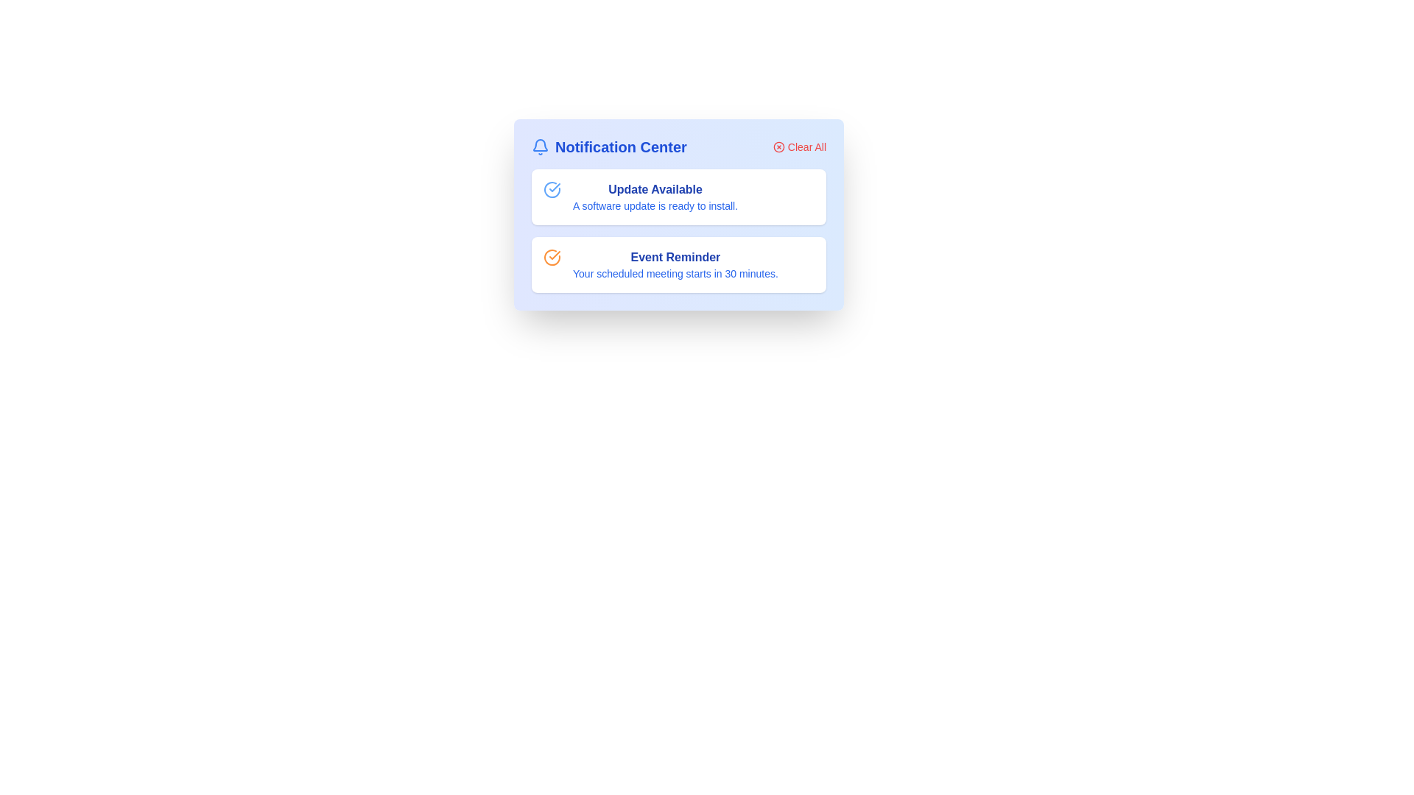 Image resolution: width=1414 pixels, height=795 pixels. Describe the element at coordinates (678, 264) in the screenshot. I see `the Notification card element titled 'Event Reminder' which is the second card in the Notification Center, featuring a white background, rounded corners, and an orange checkmark icon` at that location.